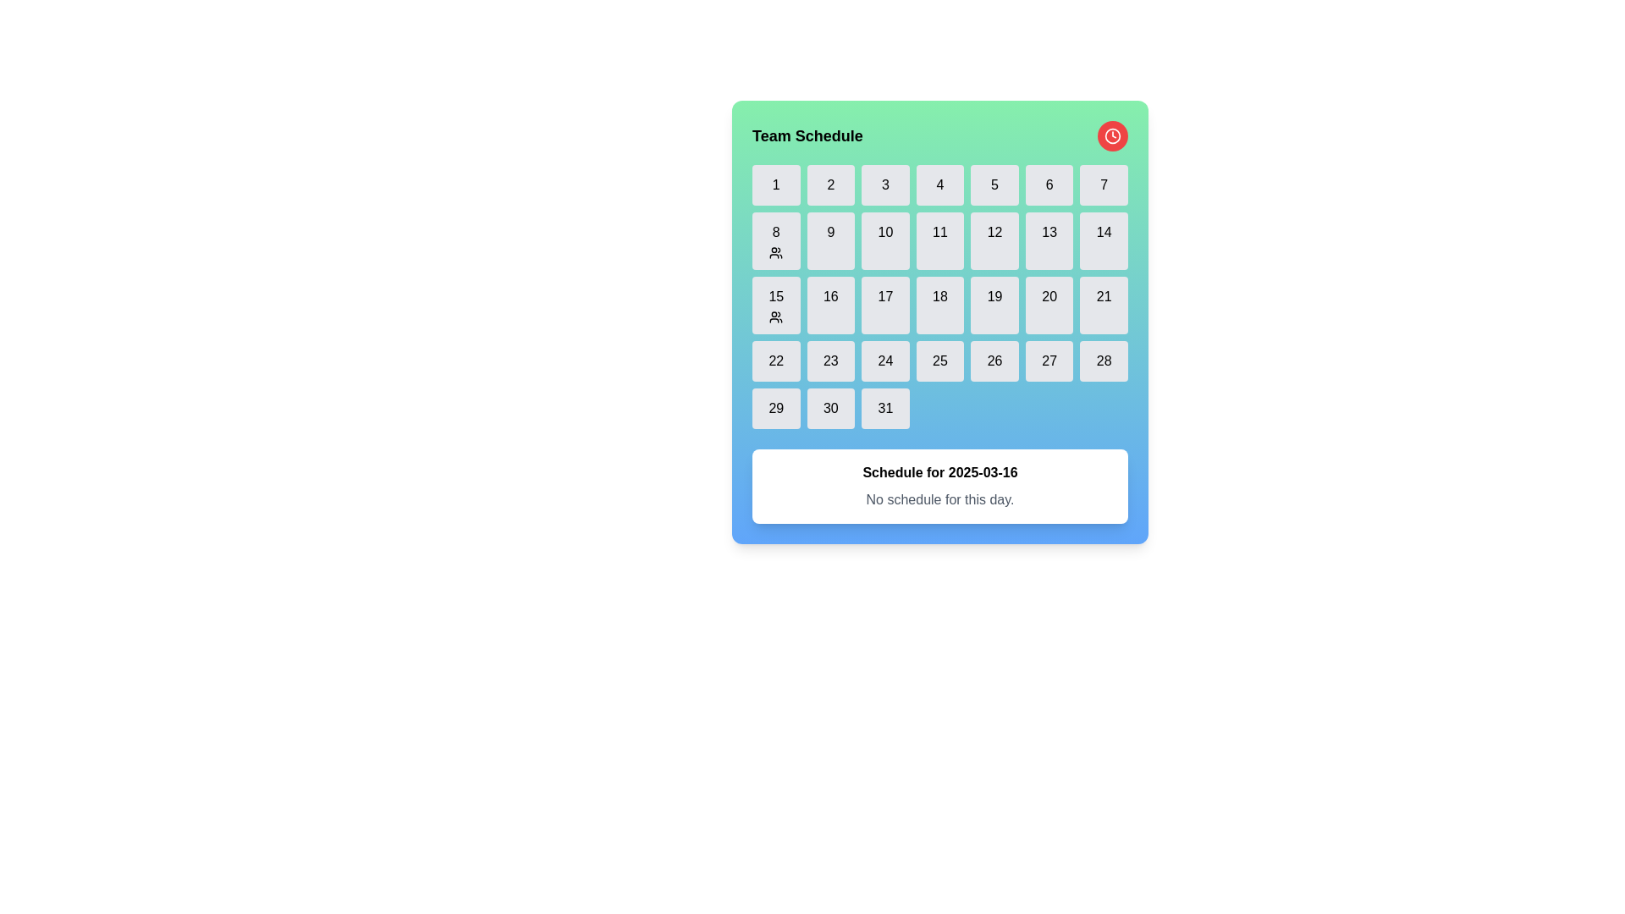  Describe the element at coordinates (775, 361) in the screenshot. I see `the numeric label displaying '22' in the calendar grid of the 'Team Schedule' interface` at that location.